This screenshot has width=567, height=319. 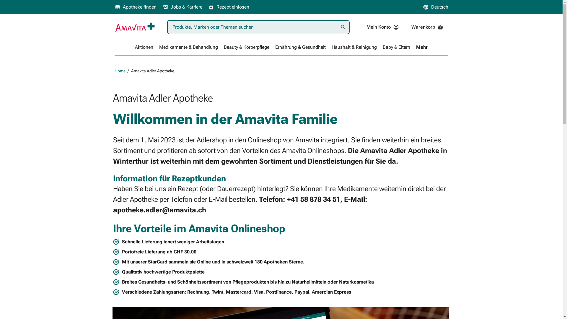 What do you see at coordinates (144, 47) in the screenshot?
I see `'Aktionen'` at bounding box center [144, 47].